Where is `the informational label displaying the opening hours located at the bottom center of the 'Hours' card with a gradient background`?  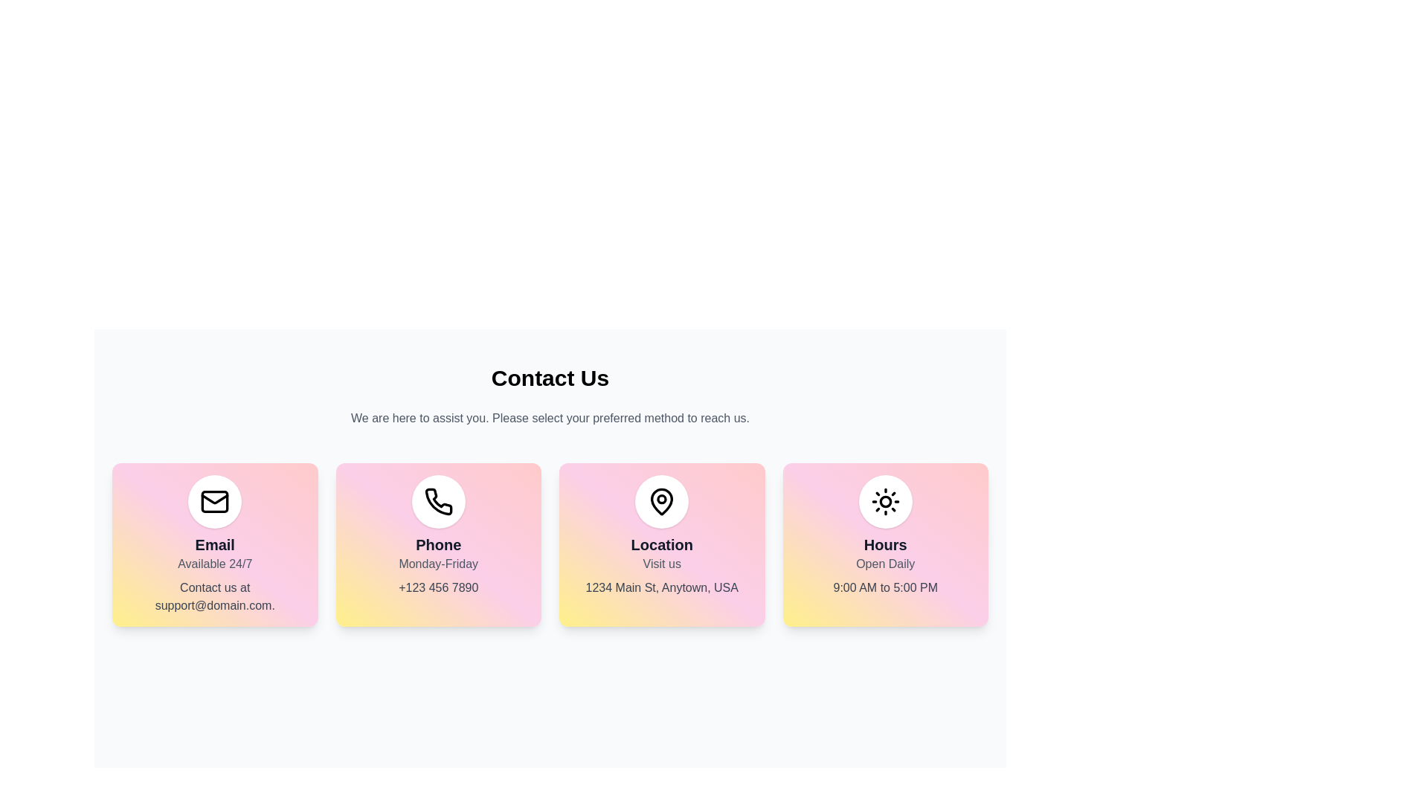
the informational label displaying the opening hours located at the bottom center of the 'Hours' card with a gradient background is located at coordinates (885, 587).